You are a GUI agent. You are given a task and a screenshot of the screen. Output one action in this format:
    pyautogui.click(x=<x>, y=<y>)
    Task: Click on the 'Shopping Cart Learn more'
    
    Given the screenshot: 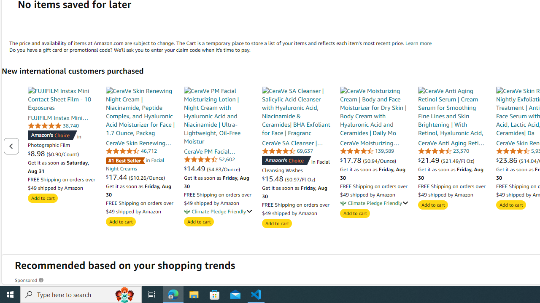 What is the action you would take?
    pyautogui.click(x=418, y=43)
    